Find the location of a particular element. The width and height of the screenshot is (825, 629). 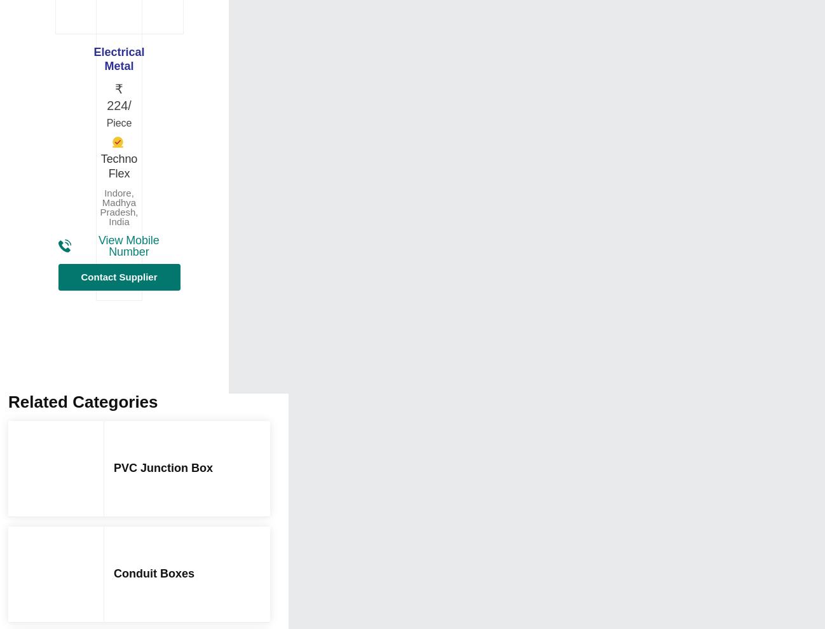

'Conduit Boxes' is located at coordinates (154, 572).